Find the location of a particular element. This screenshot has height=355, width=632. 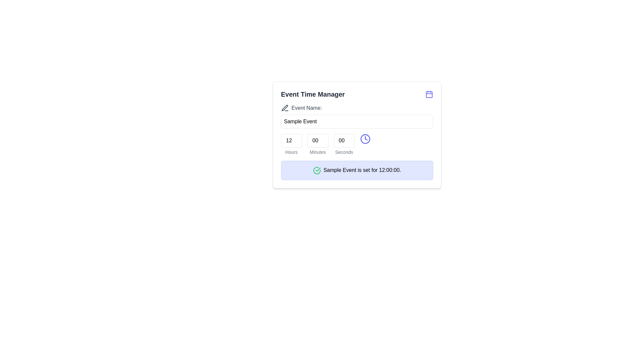

the confirmation indicator icon located to the left of the message text 'Sample Event is set for 12:00:00.' within the blue message box is located at coordinates (317, 170).